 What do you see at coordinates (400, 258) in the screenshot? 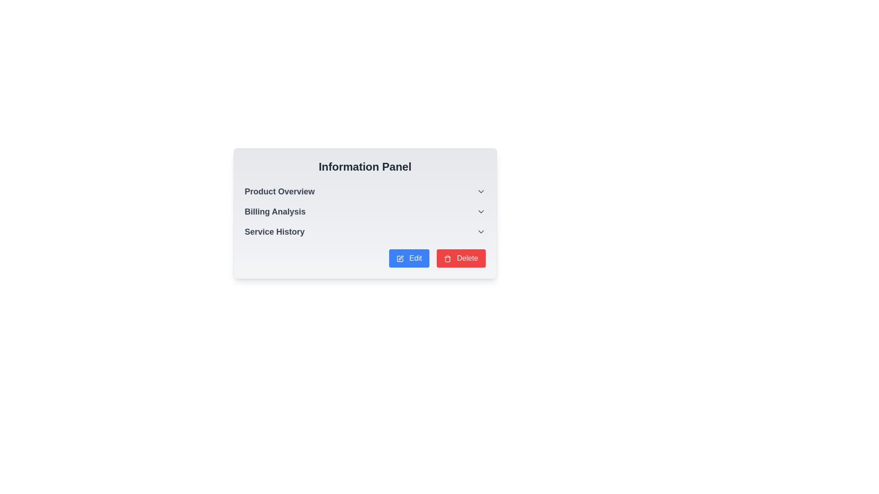
I see `the icon within the blue 'Edit' button that indicates functionality` at bounding box center [400, 258].